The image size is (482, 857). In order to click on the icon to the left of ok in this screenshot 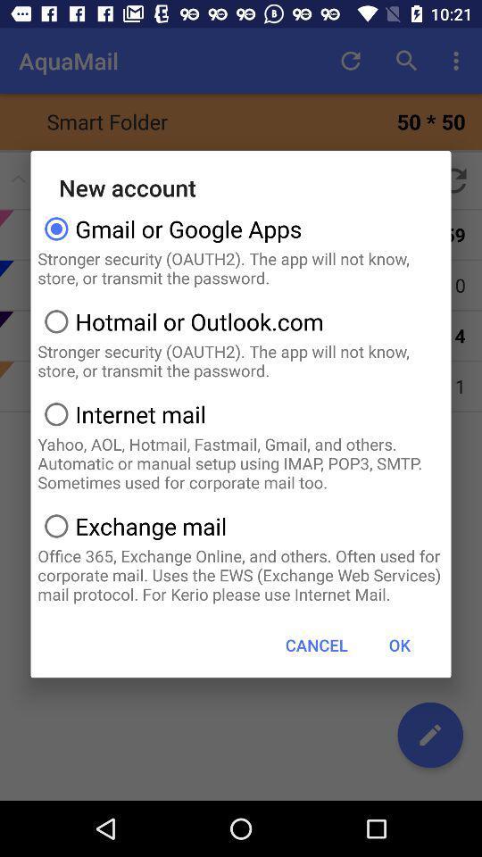, I will do `click(315, 644)`.